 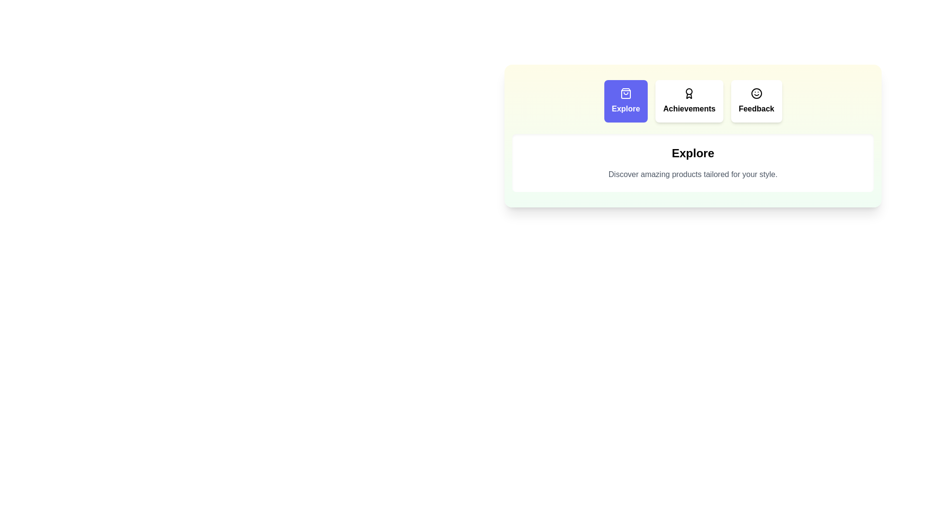 I want to click on the tab labeled Feedback to observe the hover effect, so click(x=756, y=101).